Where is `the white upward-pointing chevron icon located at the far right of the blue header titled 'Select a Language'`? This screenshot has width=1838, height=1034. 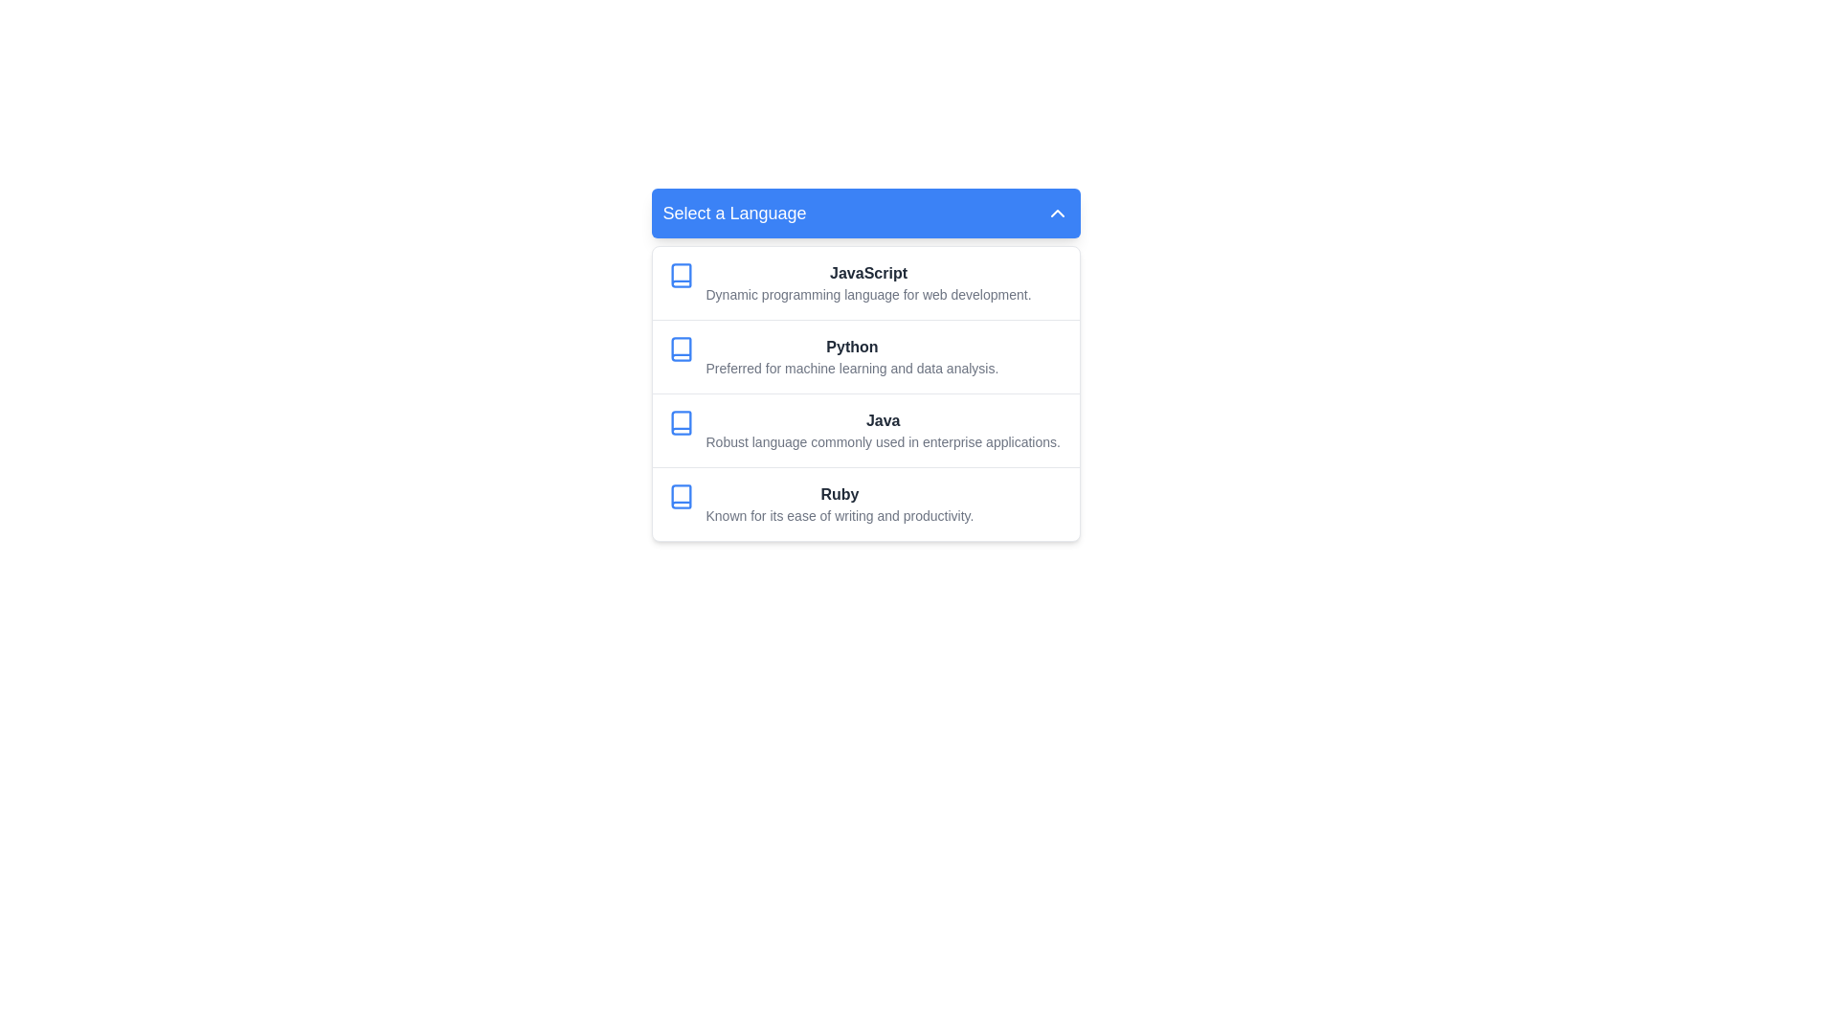 the white upward-pointing chevron icon located at the far right of the blue header titled 'Select a Language' is located at coordinates (1056, 214).